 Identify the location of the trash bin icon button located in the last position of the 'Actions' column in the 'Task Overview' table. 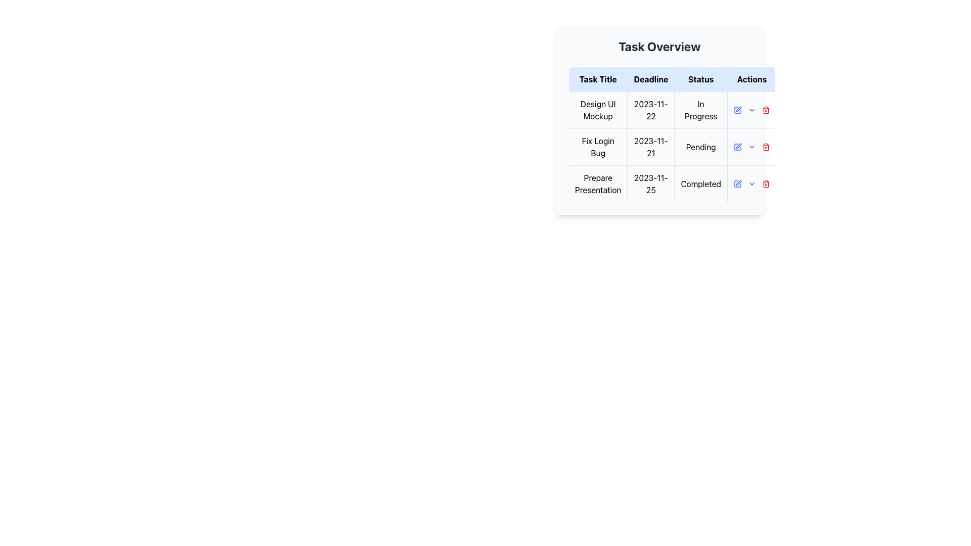
(766, 110).